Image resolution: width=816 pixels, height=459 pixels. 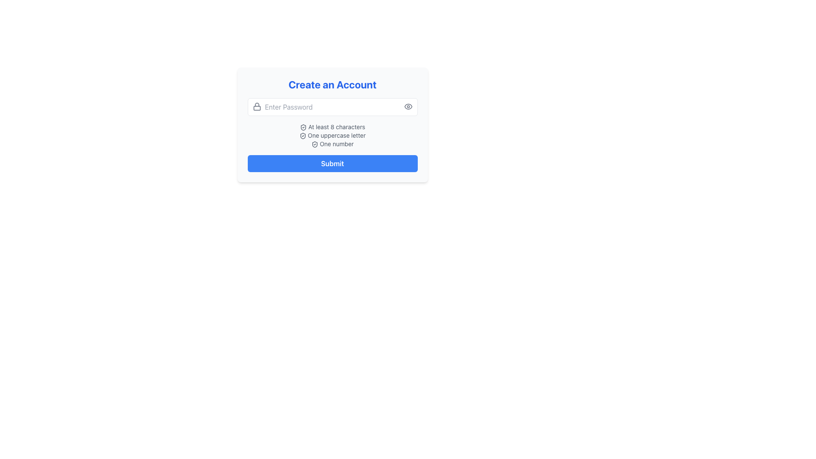 I want to click on the text element reading 'At least 8 characters' with an icon resembling a shield and checkmark, which is the first item in the password requirements list in the 'Create an Account' form, so click(x=332, y=127).